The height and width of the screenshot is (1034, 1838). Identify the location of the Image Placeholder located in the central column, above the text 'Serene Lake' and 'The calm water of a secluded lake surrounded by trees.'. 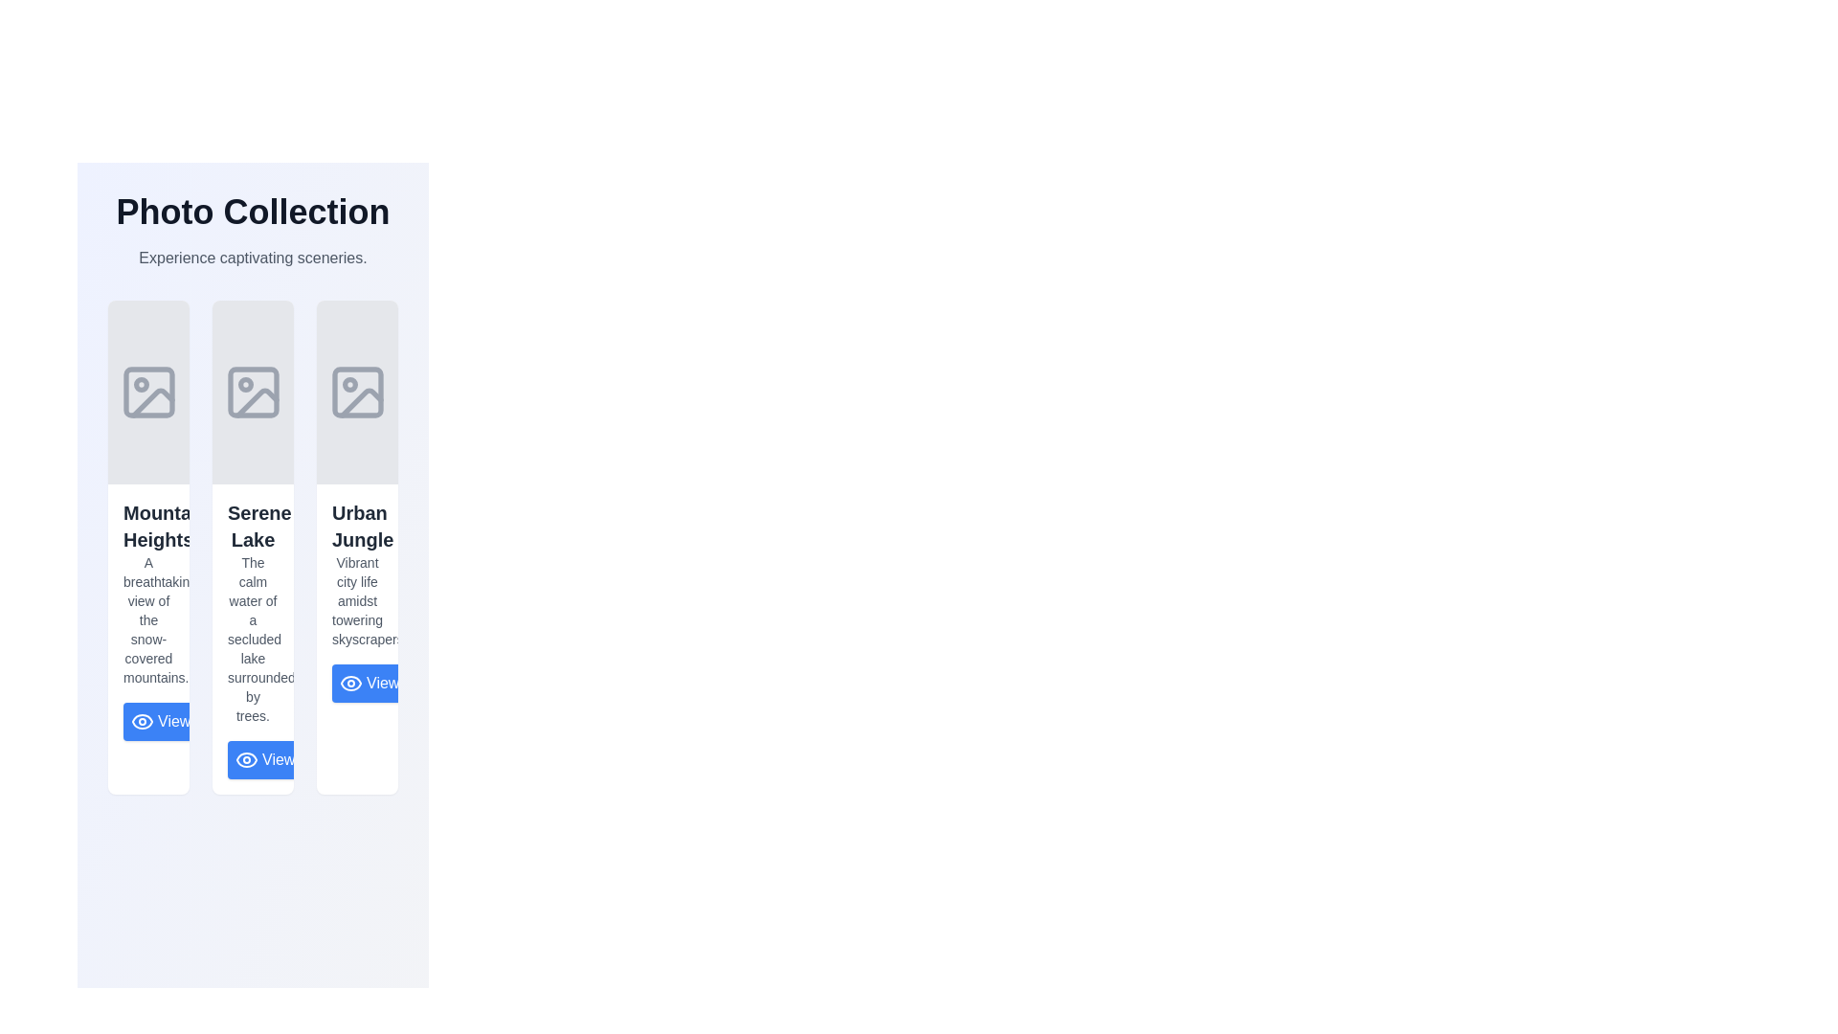
(252, 391).